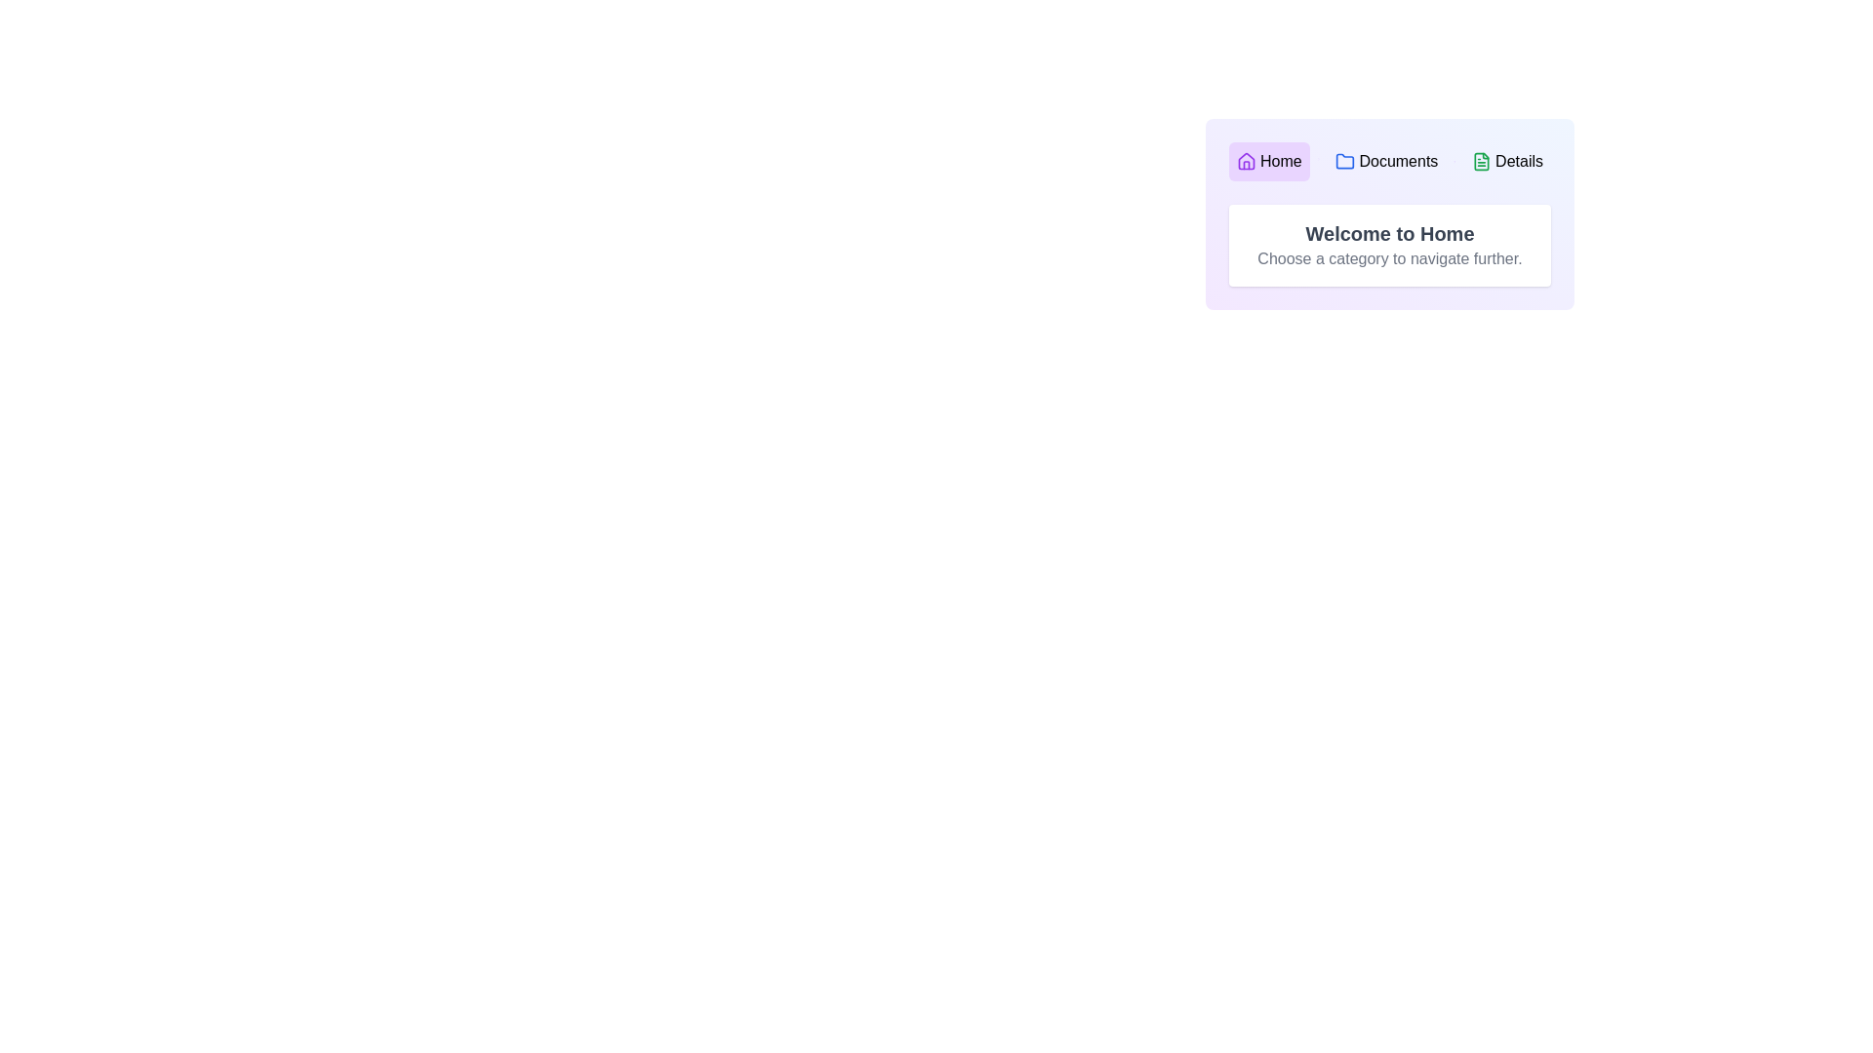 This screenshot has height=1053, width=1873. Describe the element at coordinates (1397, 160) in the screenshot. I see `the 'Documents' text label in the top-center navigation menu` at that location.